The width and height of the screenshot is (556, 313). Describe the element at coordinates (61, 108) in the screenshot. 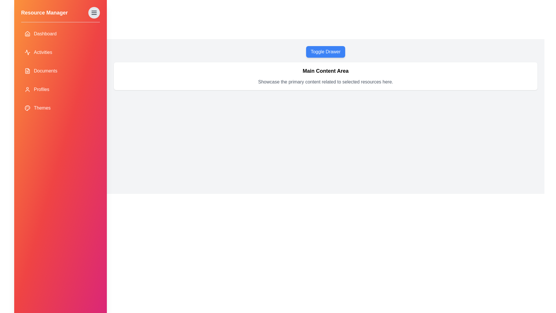

I see `the Themes item in the drawer to navigate to that section` at that location.